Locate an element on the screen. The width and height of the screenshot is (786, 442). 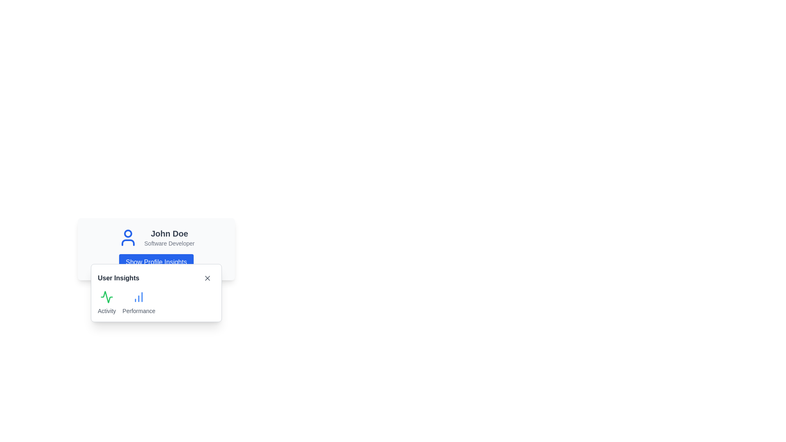
the 'Performance' button, which is the second option in the 'User Insights' popup is located at coordinates (139, 303).